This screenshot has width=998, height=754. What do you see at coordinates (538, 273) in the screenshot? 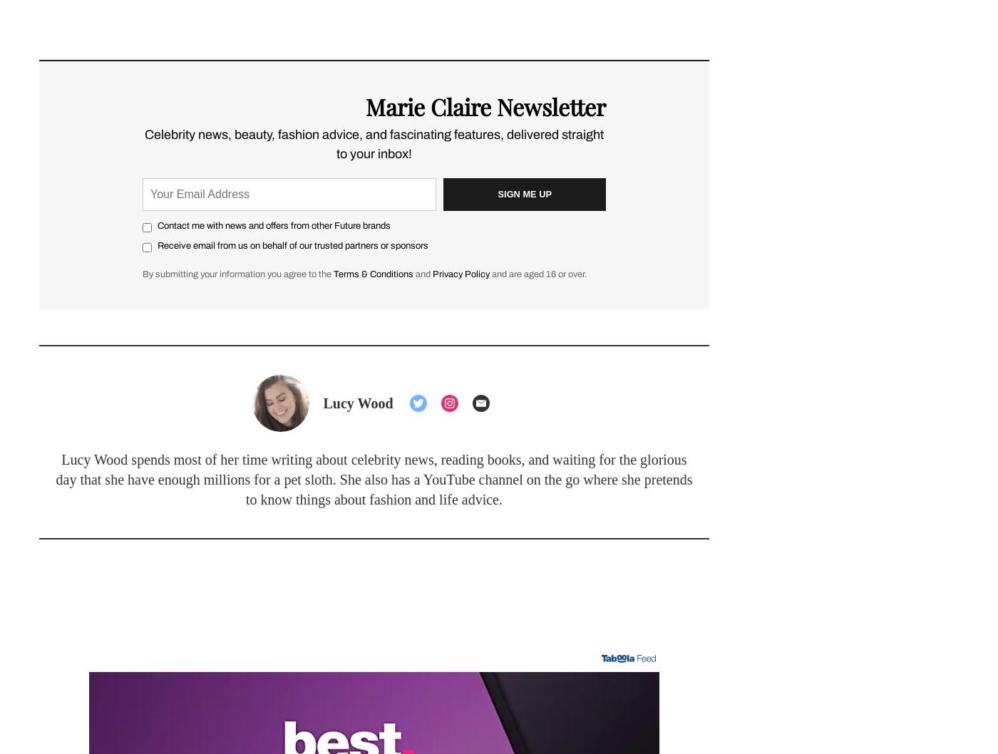
I see `'and are aged 16 or over.'` at bounding box center [538, 273].